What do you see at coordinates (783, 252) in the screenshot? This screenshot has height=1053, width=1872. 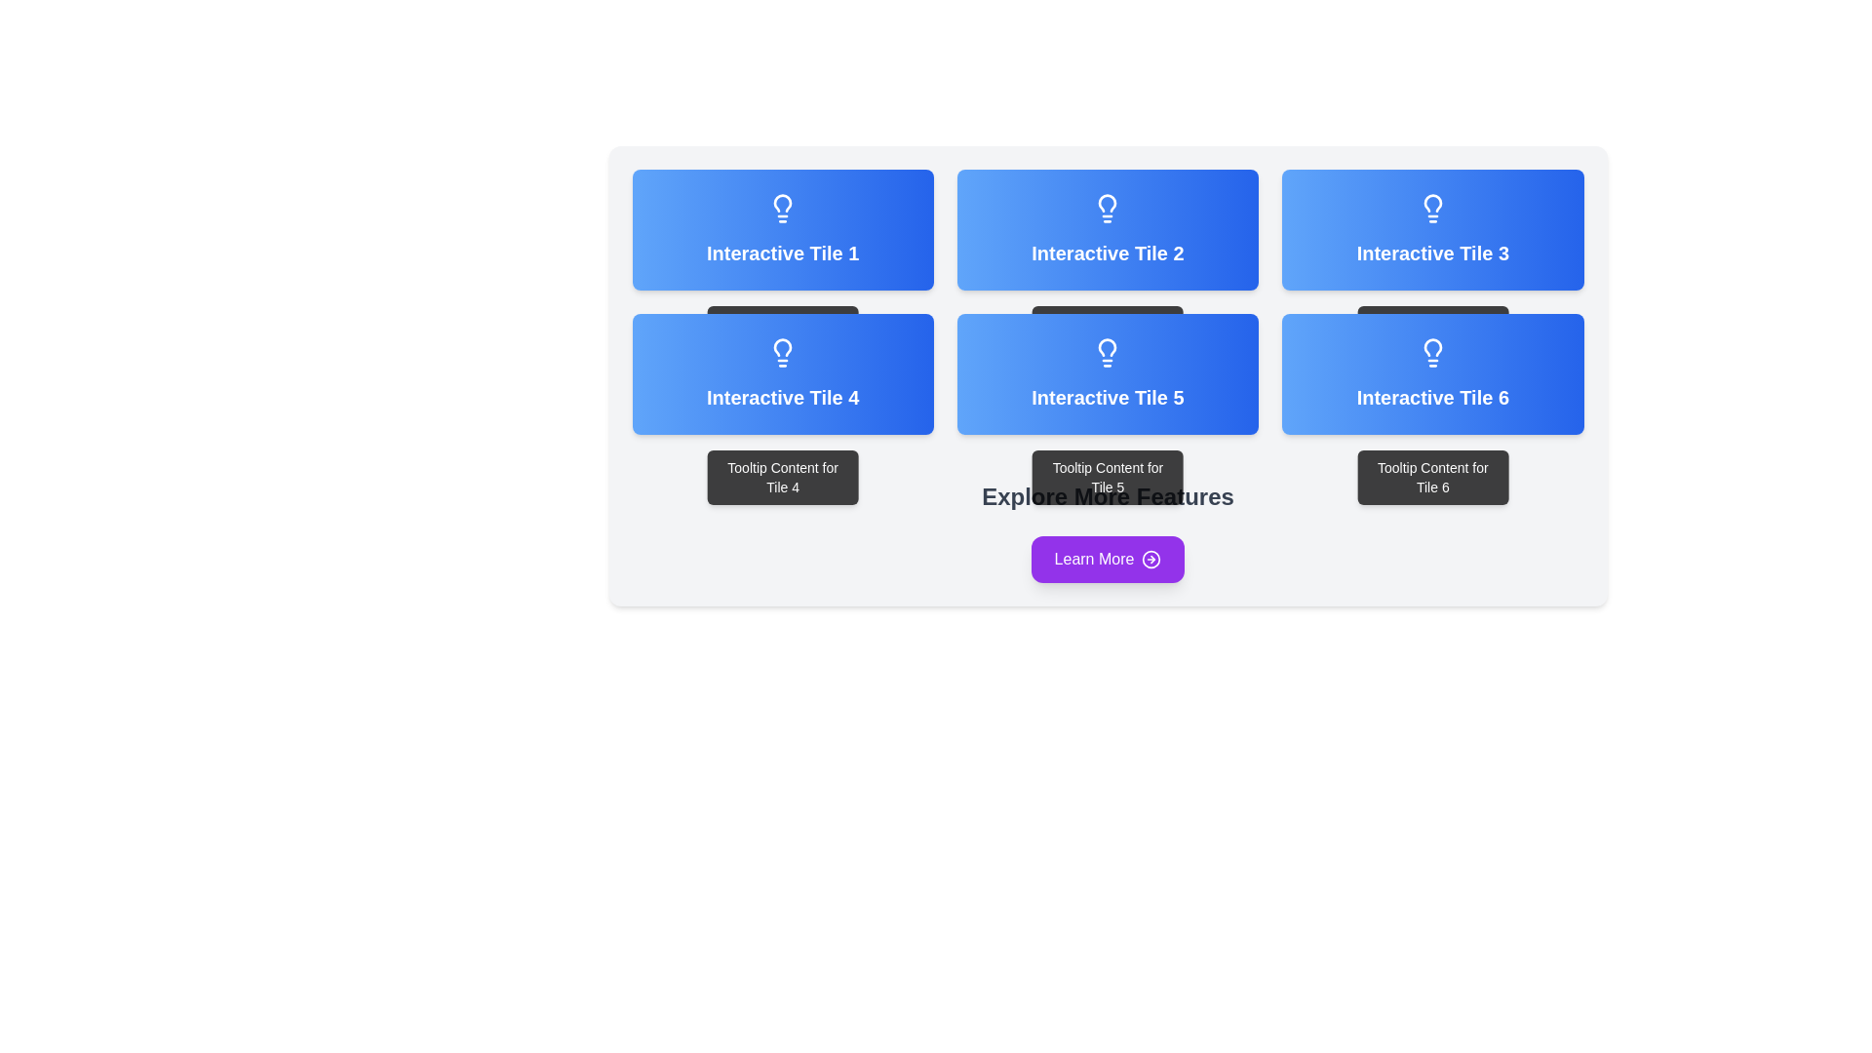 I see `the text label reading 'Interactive Tile 1', which is styled in bold and located within a blue gradient background tile` at bounding box center [783, 252].